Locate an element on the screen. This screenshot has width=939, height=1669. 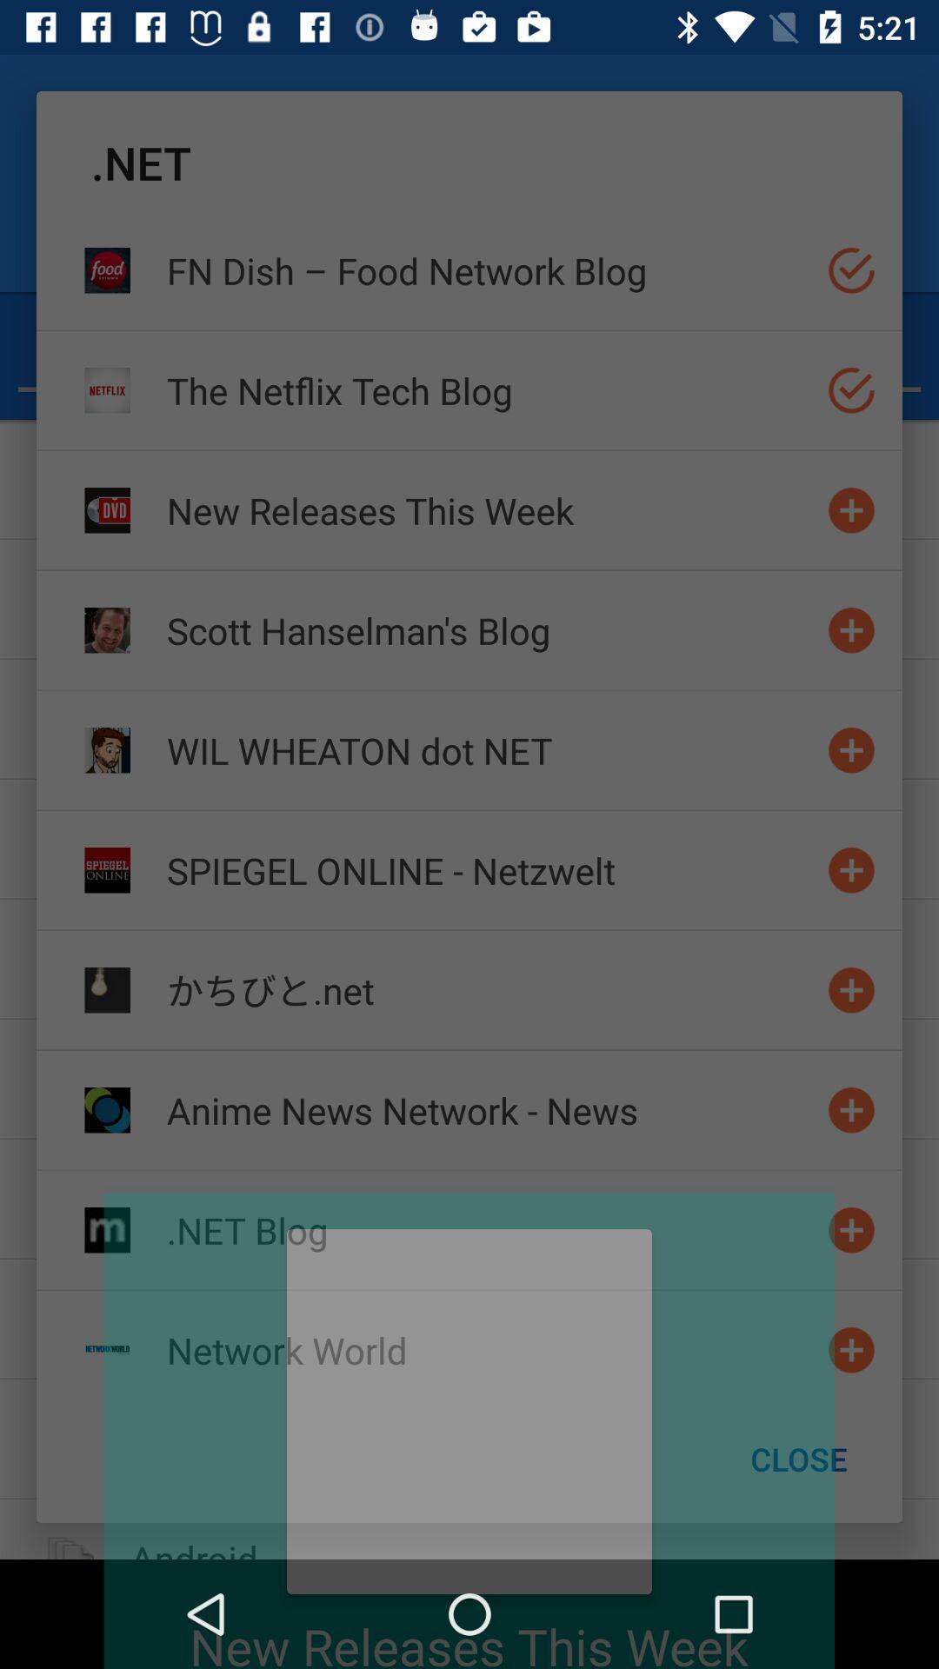
to the list is located at coordinates (850, 750).